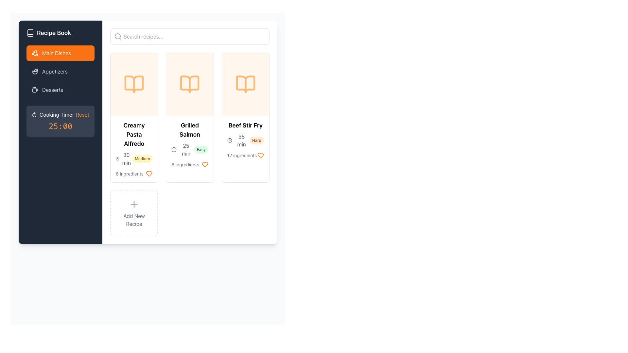  Describe the element at coordinates (245, 155) in the screenshot. I see `the label that indicates the number of ingredients required for the 'Beef Stir Fry' recipe, which is located in the bottom-right corner of the card, underneath the '35 min' and 'Hard' labels` at that location.